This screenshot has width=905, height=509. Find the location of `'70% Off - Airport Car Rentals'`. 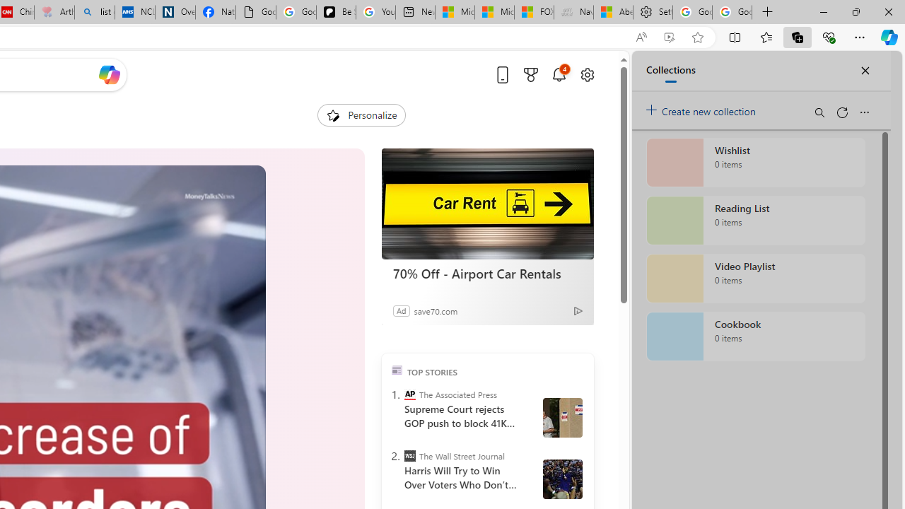

'70% Off - Airport Car Rentals' is located at coordinates (487, 274).